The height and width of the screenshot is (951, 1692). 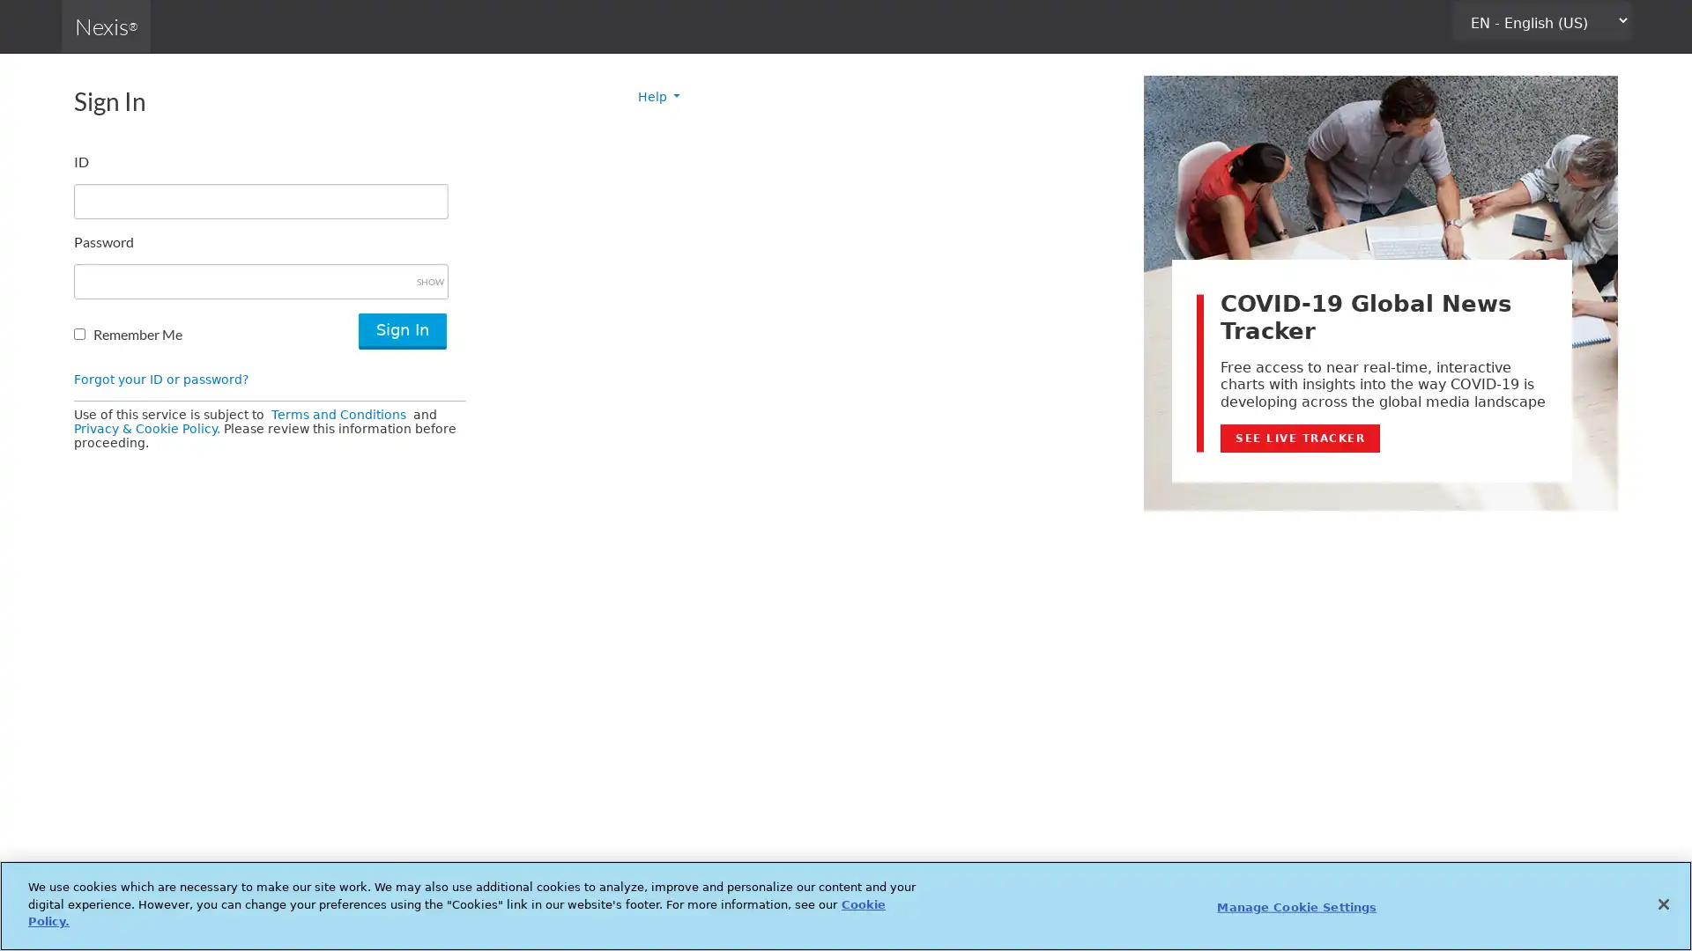 What do you see at coordinates (401, 331) in the screenshot?
I see `Sign In` at bounding box center [401, 331].